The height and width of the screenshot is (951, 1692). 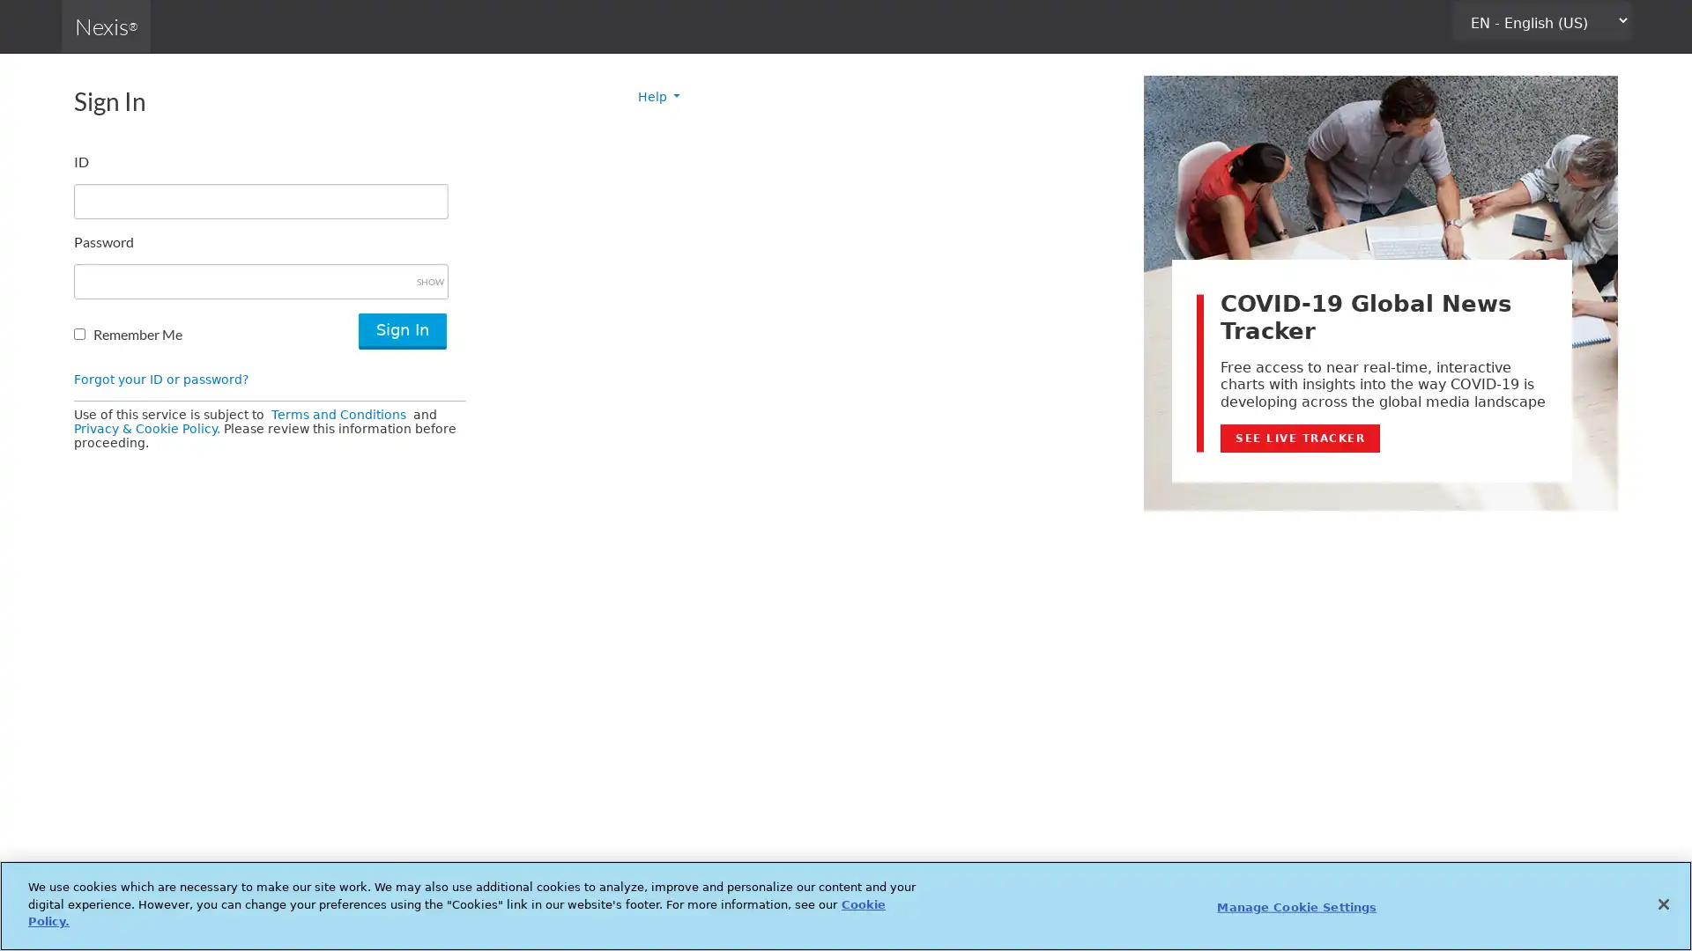 What do you see at coordinates (401, 331) in the screenshot?
I see `Sign In` at bounding box center [401, 331].